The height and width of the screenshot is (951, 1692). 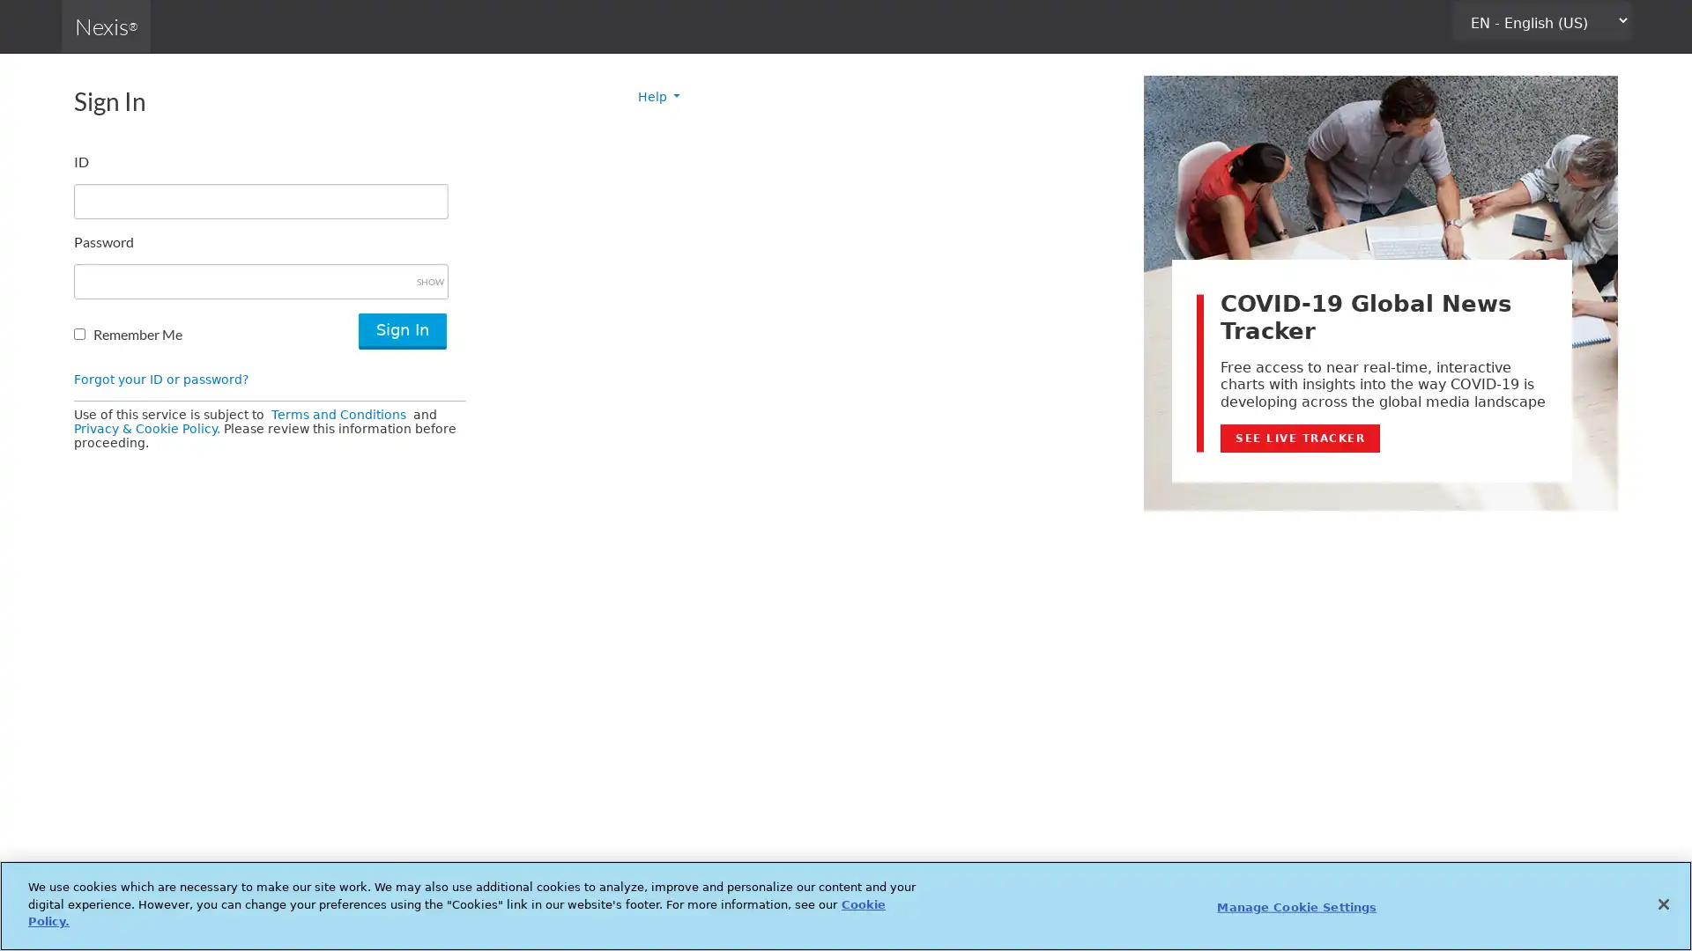 What do you see at coordinates (401, 331) in the screenshot?
I see `Sign In` at bounding box center [401, 331].